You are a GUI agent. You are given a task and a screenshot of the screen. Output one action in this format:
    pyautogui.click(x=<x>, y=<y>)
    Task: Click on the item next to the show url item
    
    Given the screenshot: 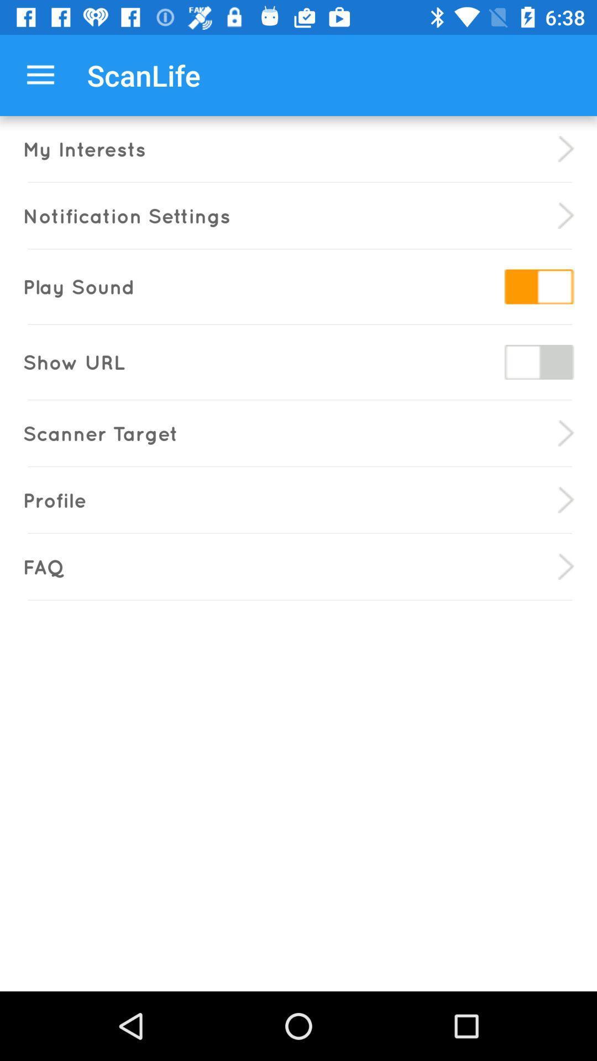 What is the action you would take?
    pyautogui.click(x=538, y=362)
    